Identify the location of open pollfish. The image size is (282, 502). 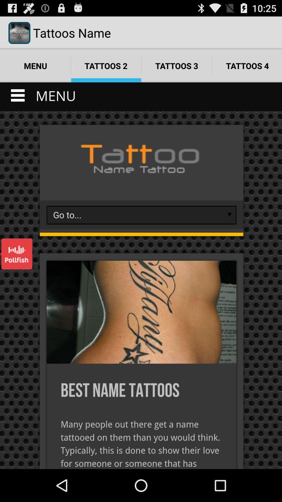
(16, 254).